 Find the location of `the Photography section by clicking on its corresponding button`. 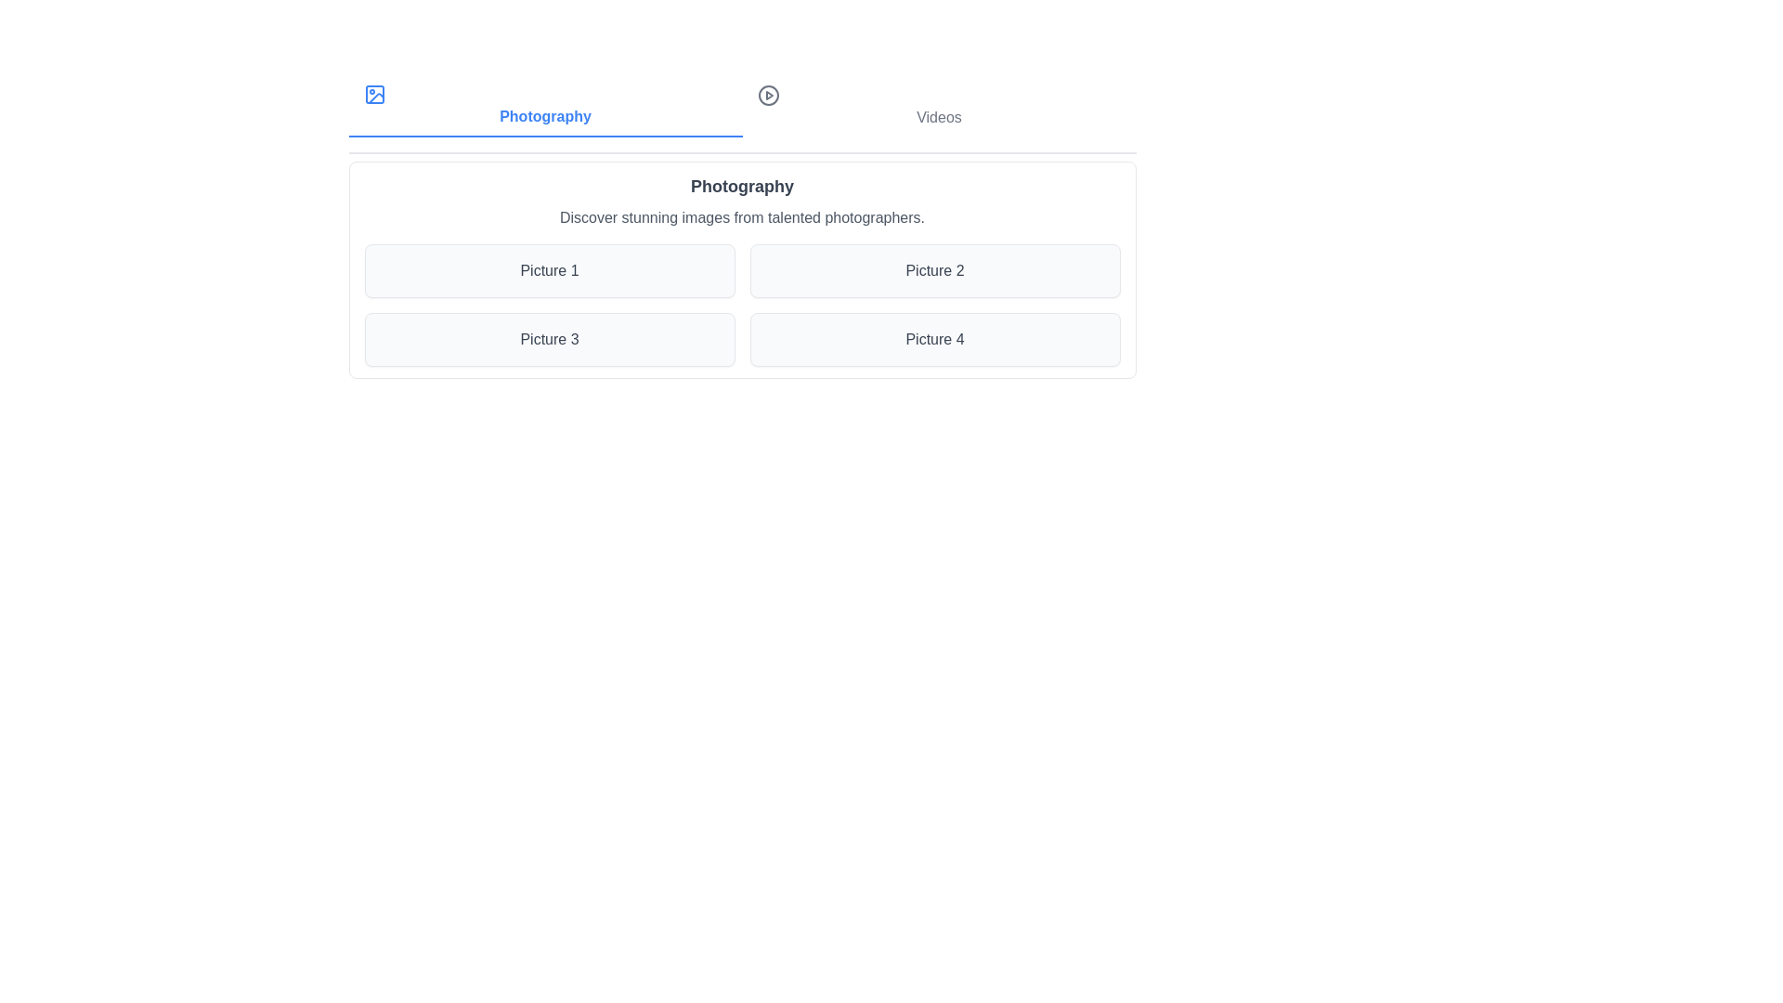

the Photography section by clicking on its corresponding button is located at coordinates (544, 107).